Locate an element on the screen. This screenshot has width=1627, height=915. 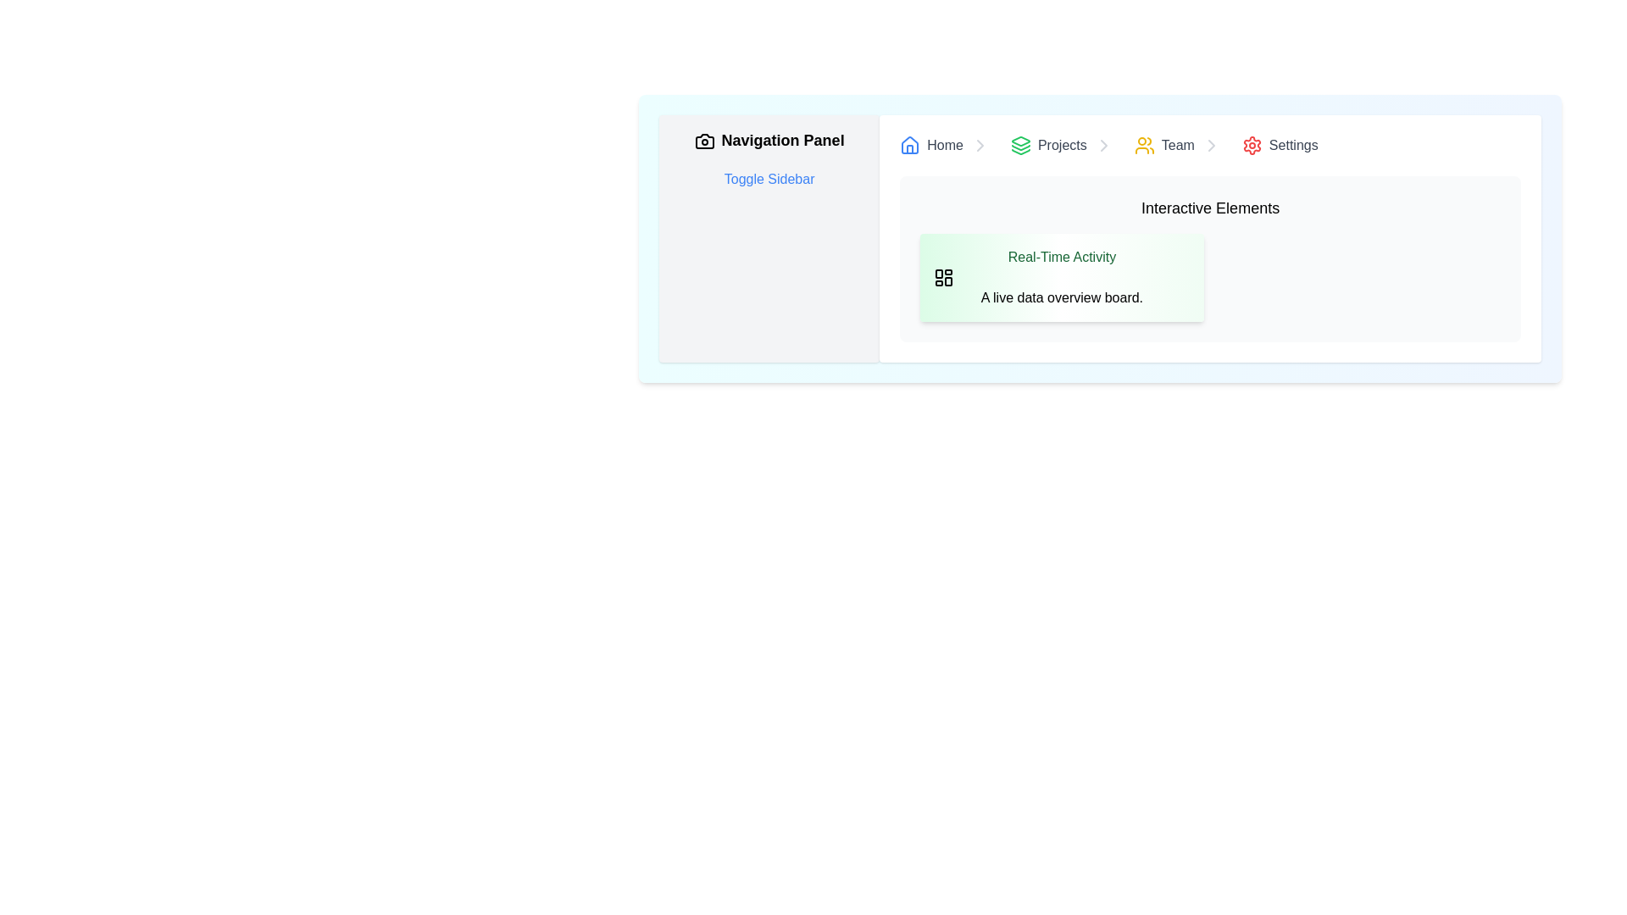
the interactive navigation link located in the navigation bar between the 'Projects' menu item and a right arrow icon is located at coordinates (1163, 145).